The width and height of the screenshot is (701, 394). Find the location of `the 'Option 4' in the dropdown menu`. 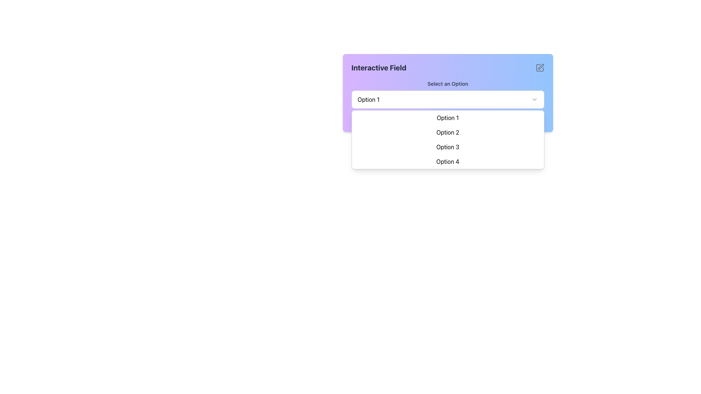

the 'Option 4' in the dropdown menu is located at coordinates (447, 161).